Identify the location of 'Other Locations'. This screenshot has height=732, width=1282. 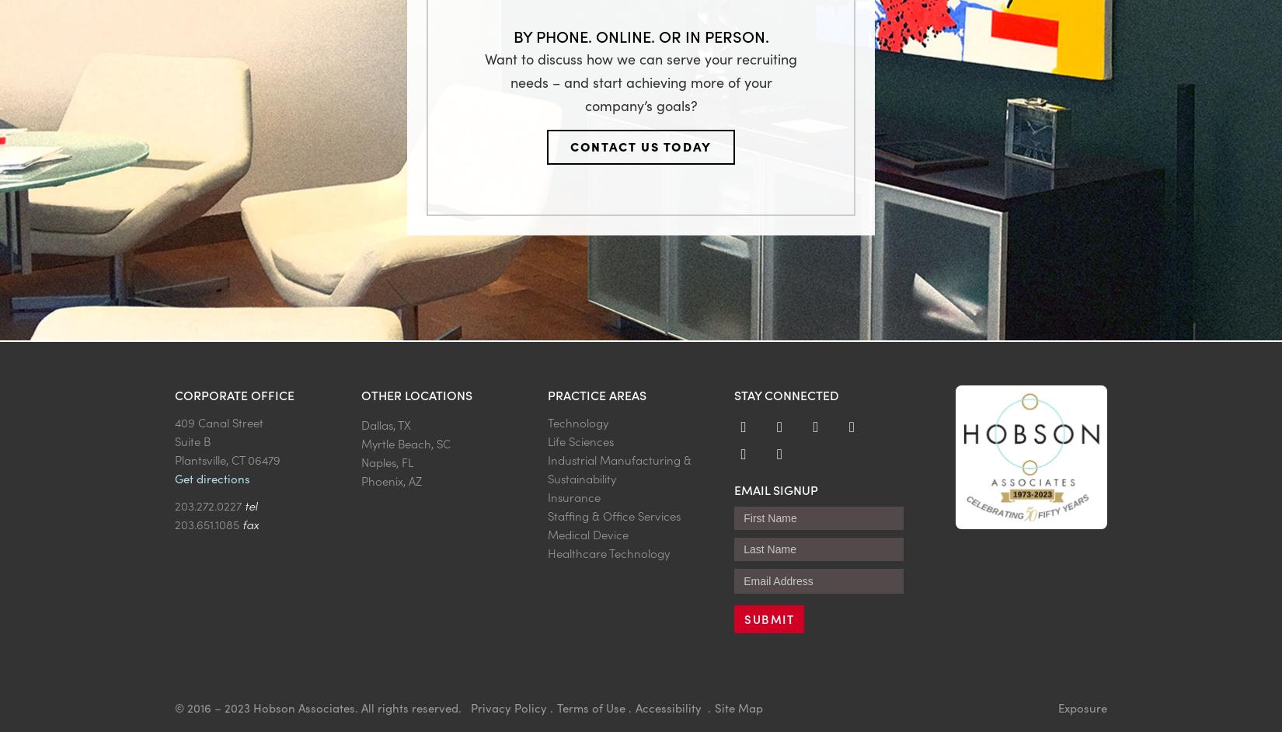
(360, 395).